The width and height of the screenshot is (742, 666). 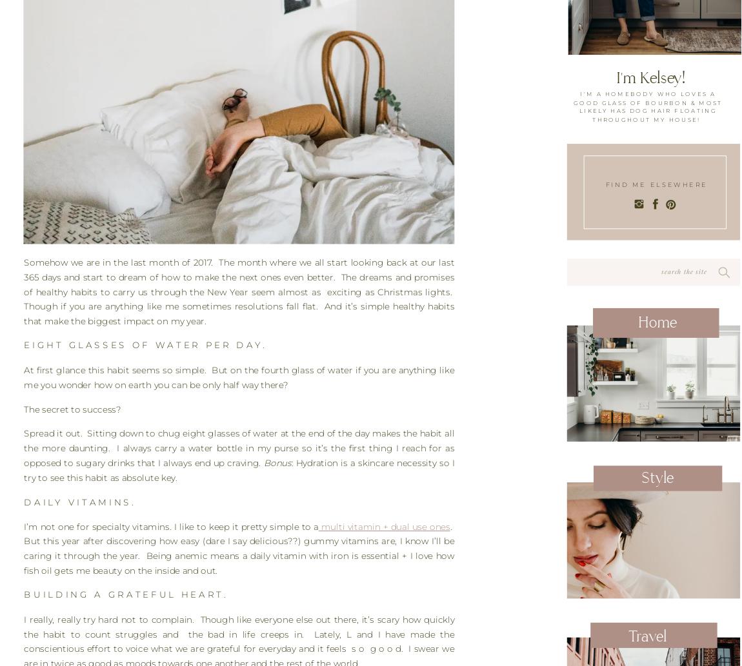 What do you see at coordinates (239, 548) in the screenshot?
I see `'.  But this year after discovering how easy (dare I say delicious??) gummy vitamins are, I know I’ll be caring it through the year.  Being anemic means a daily vitamin with iron is essential + I love how fish oil gets me beauty on the inside and out.'` at bounding box center [239, 548].